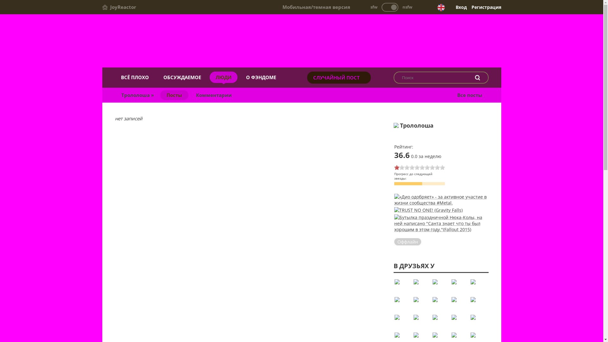 This screenshot has height=342, width=608. I want to click on '3eJIeHb', so click(440, 286).